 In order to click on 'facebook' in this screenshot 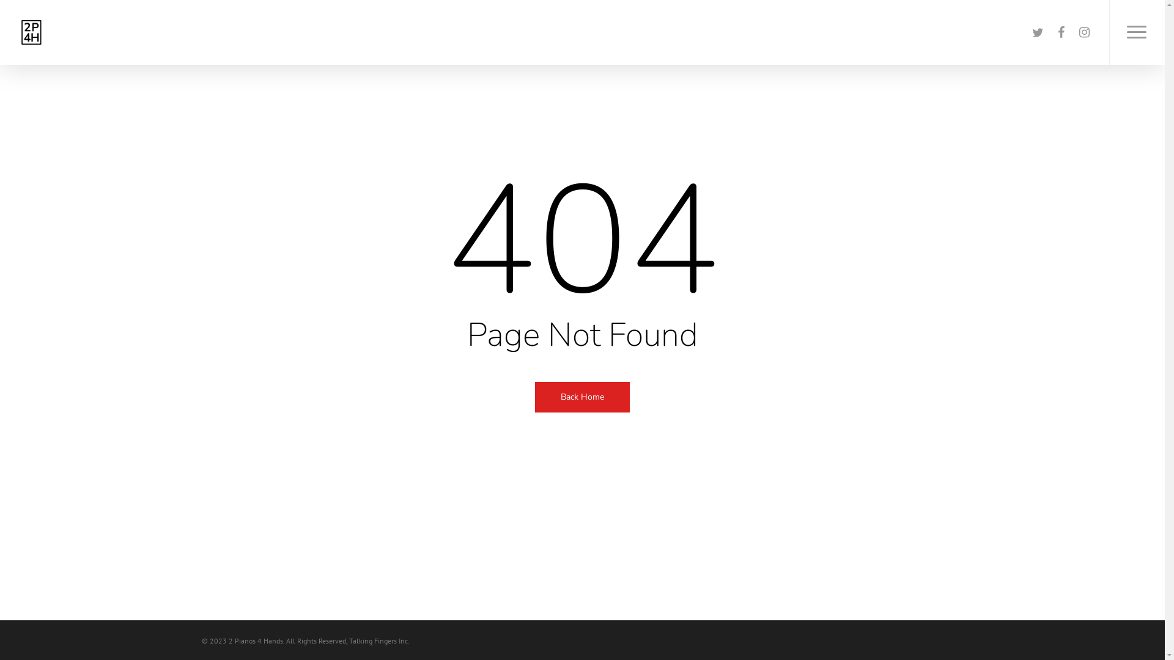, I will do `click(1060, 32)`.